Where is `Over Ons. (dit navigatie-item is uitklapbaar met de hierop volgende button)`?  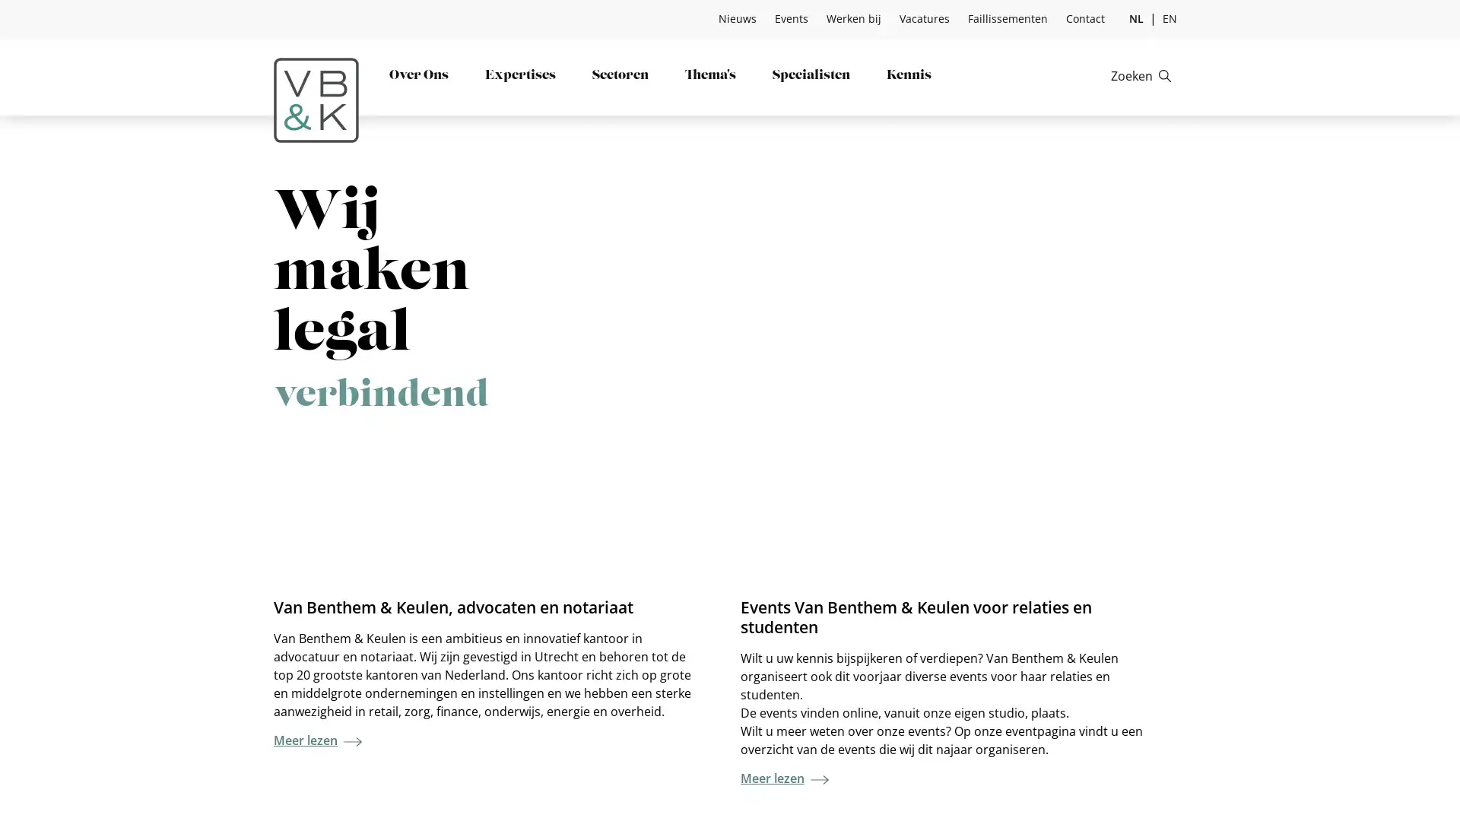 Over Ons. (dit navigatie-item is uitklapbaar met de hierop volgende button) is located at coordinates (419, 76).